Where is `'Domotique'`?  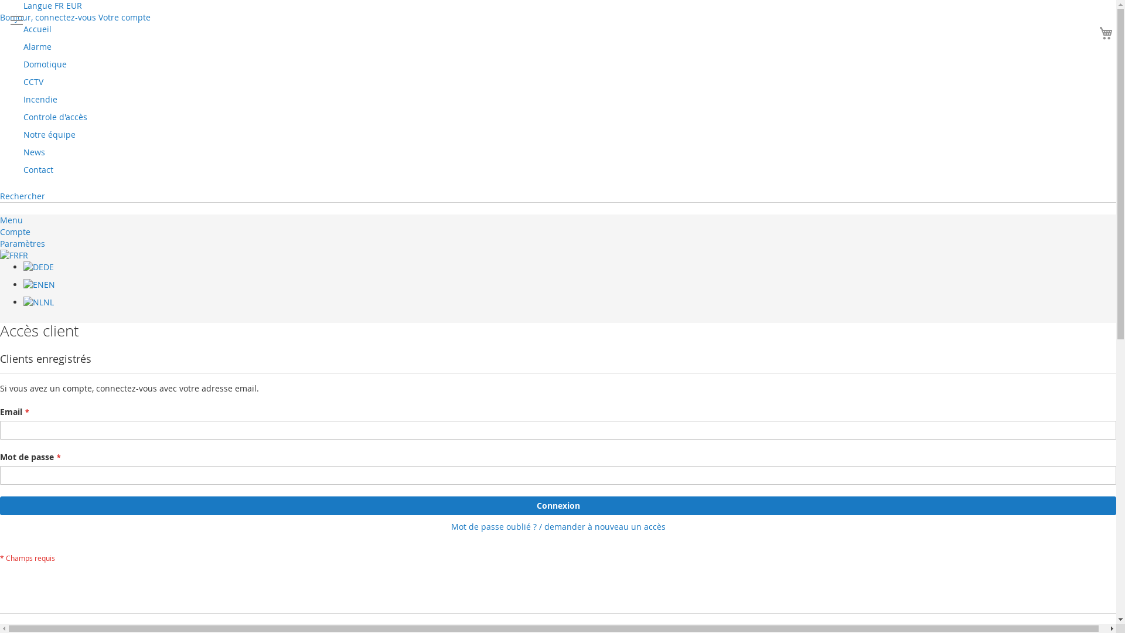
'Domotique' is located at coordinates (45, 64).